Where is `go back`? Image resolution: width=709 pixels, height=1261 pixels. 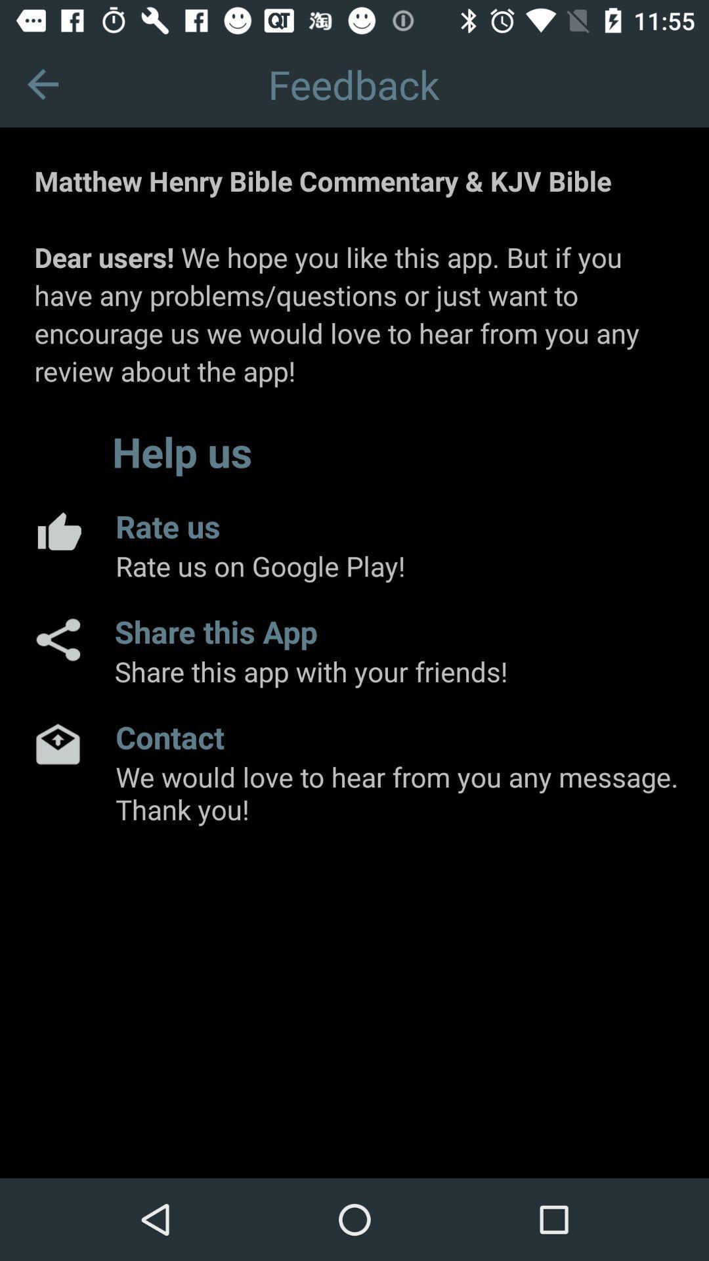
go back is located at coordinates (42, 83).